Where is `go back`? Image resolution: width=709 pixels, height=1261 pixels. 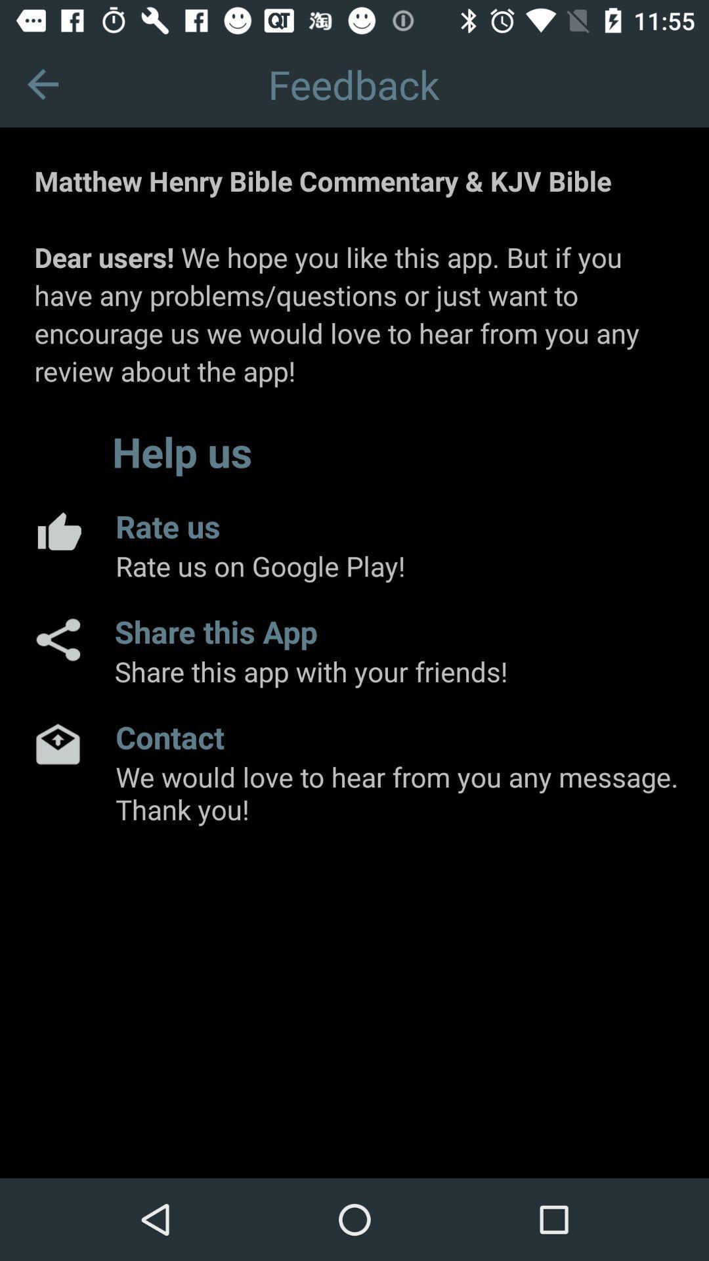
go back is located at coordinates (42, 83).